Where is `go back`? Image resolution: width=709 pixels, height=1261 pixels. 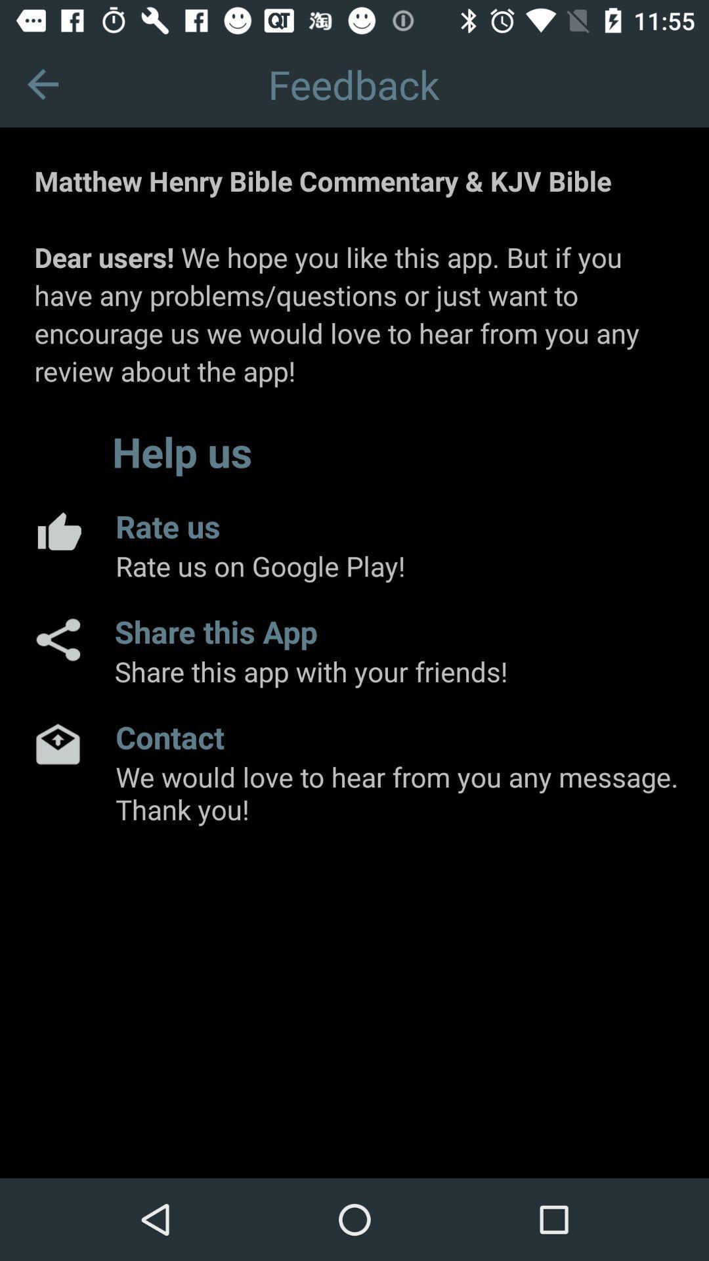
go back is located at coordinates (42, 83).